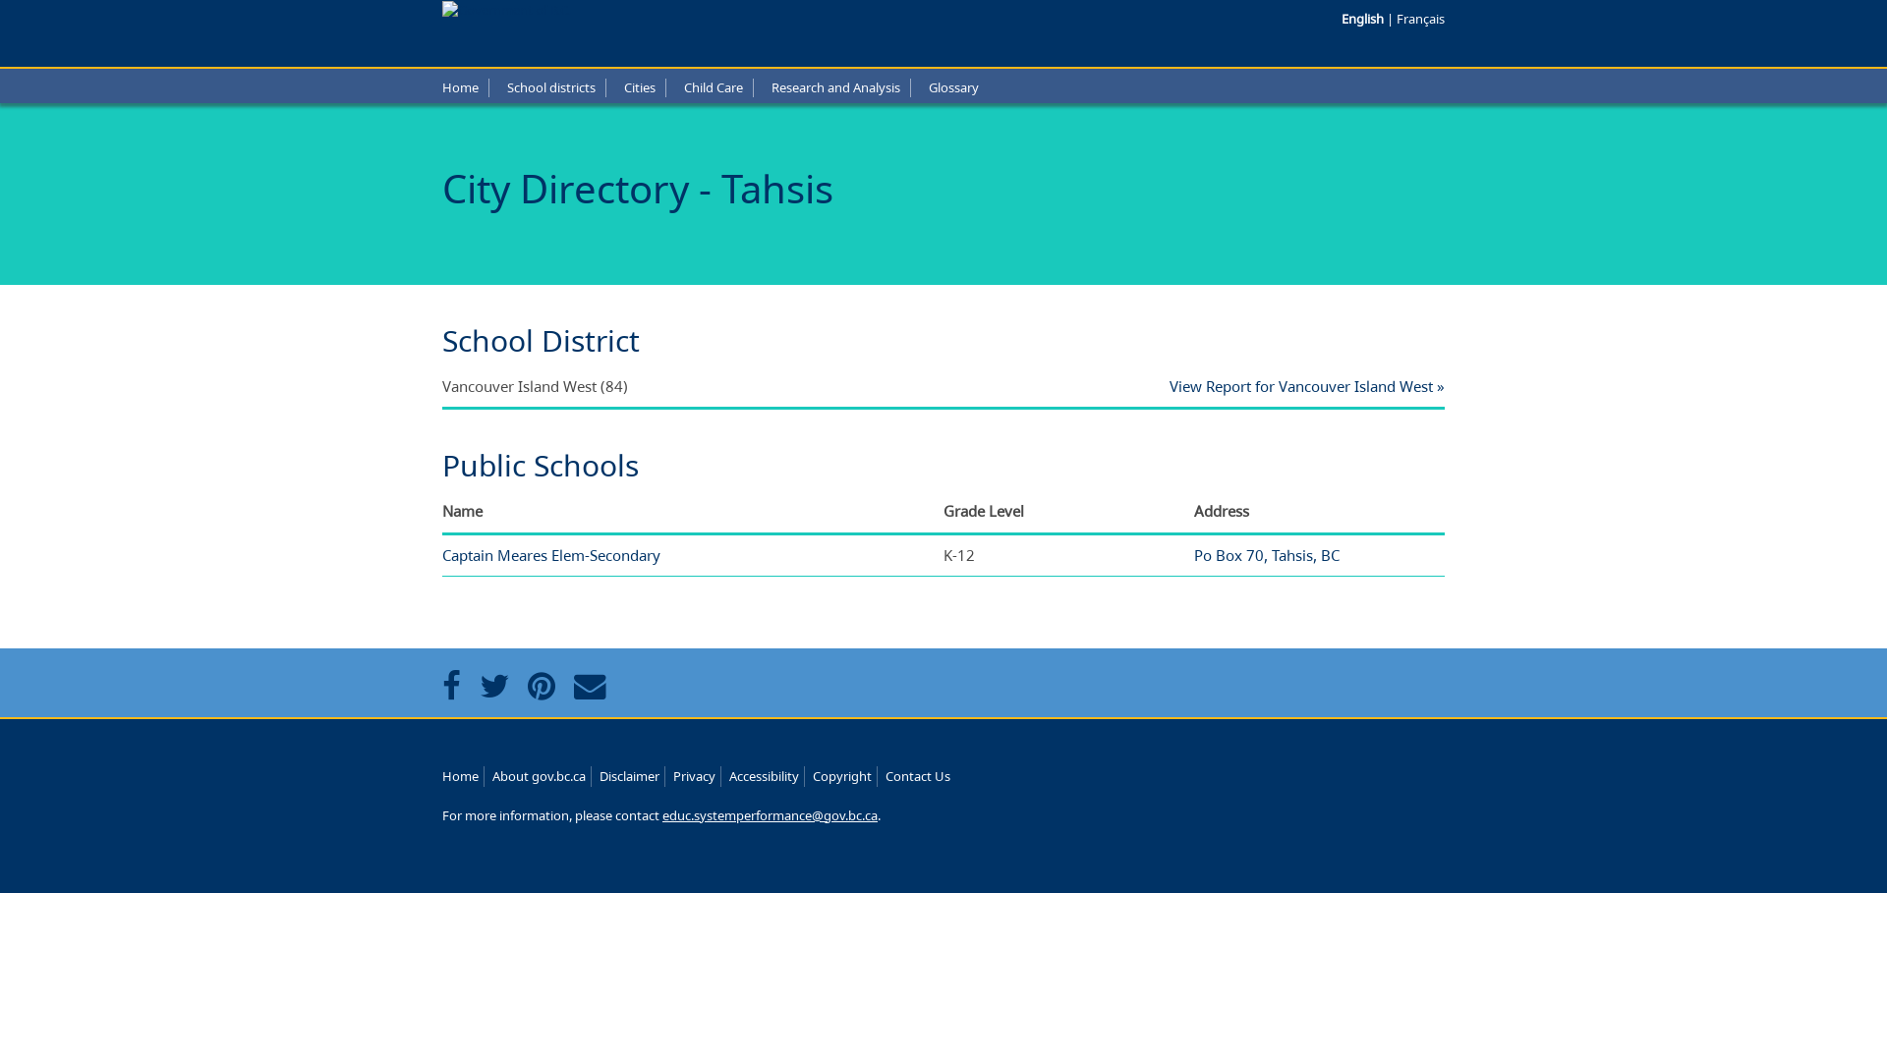 The width and height of the screenshot is (1887, 1061). Describe the element at coordinates (1340, 19) in the screenshot. I see `'English'` at that location.